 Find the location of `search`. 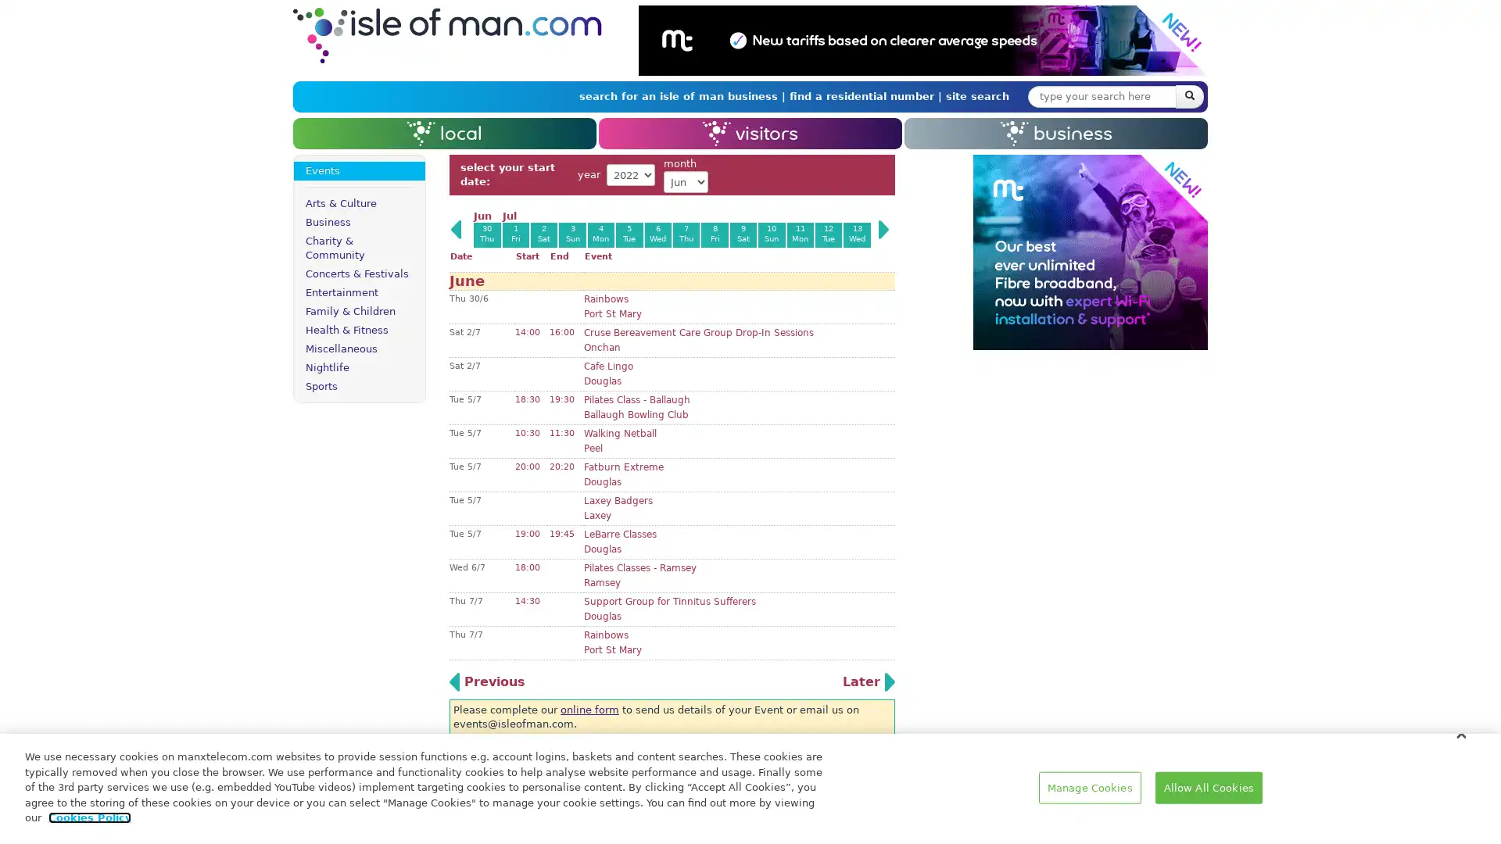

search is located at coordinates (1188, 96).